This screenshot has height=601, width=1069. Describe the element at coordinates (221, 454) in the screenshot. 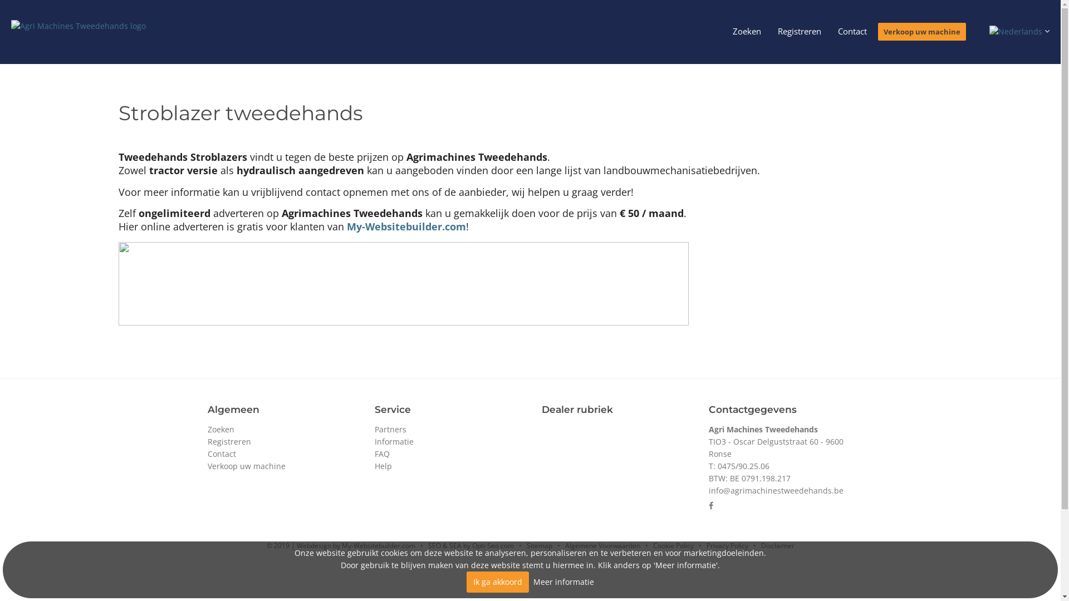

I see `'Contact'` at that location.